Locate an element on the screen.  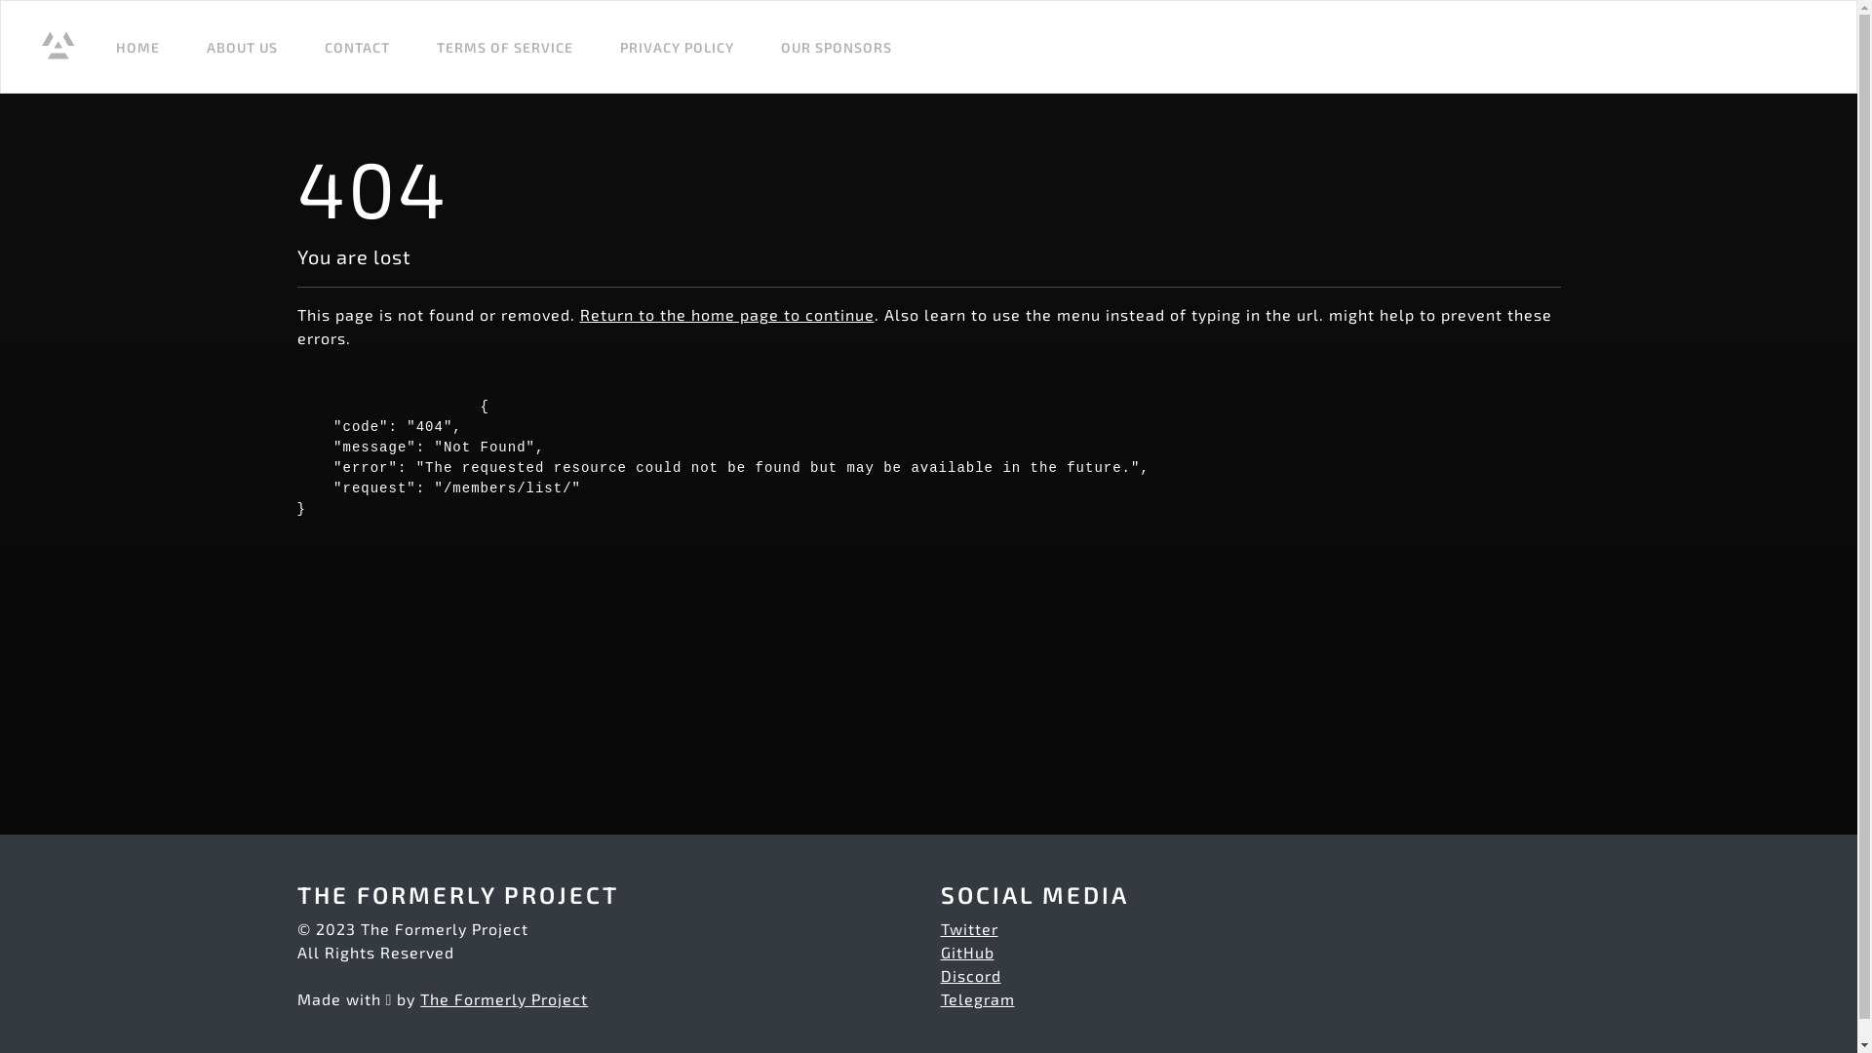
'GitHub' is located at coordinates (966, 951).